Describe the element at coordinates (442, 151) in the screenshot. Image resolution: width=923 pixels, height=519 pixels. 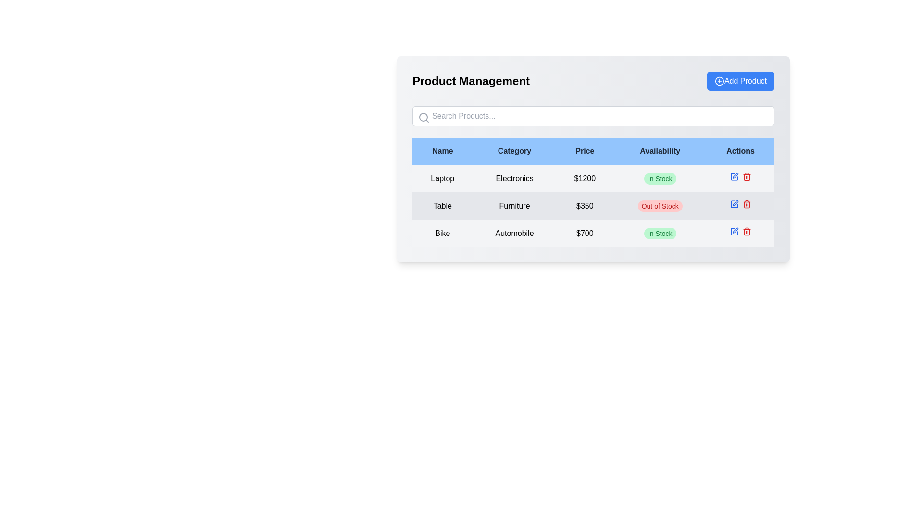
I see `the 'Name' column header, which is the first of five column headers in the table, located in the top-left corner of the header row` at that location.